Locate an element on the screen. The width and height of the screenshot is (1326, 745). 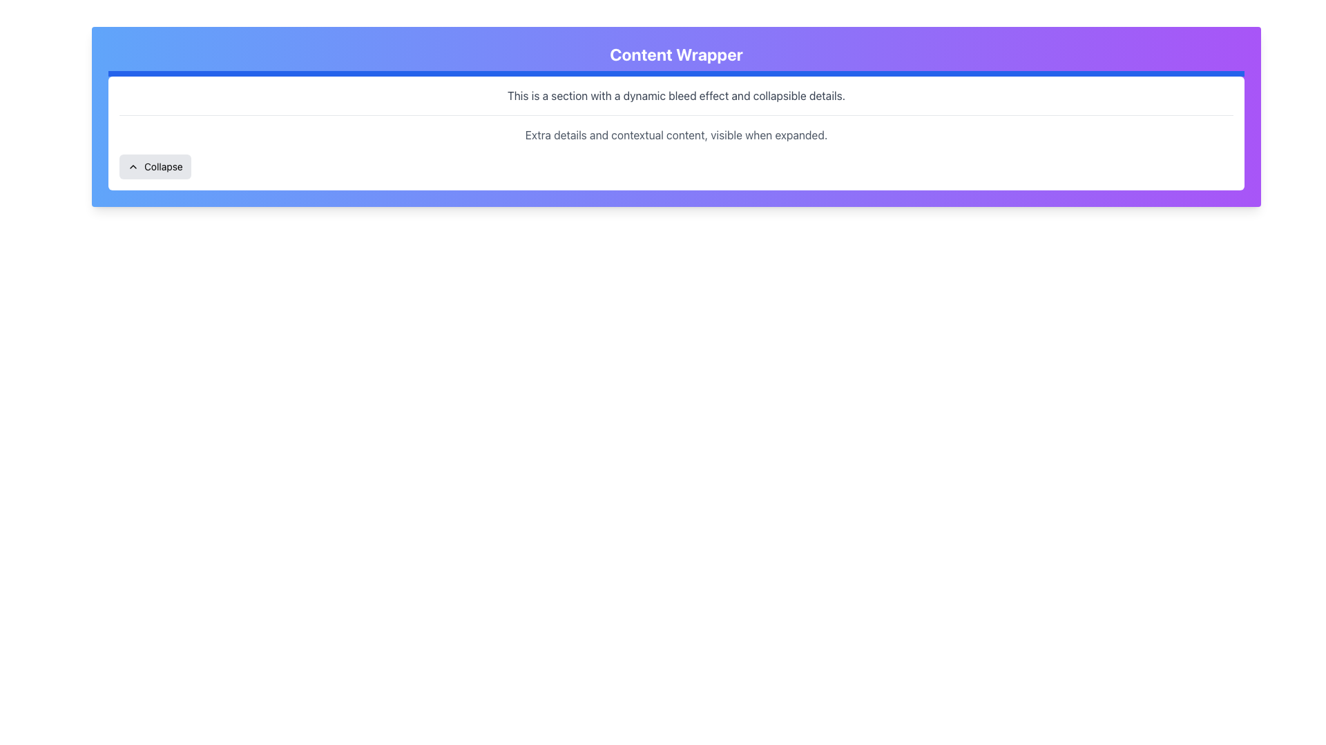
the blue decorative bar at the top edge of the collapsible section, which serves as a functional indicator is located at coordinates (676, 74).